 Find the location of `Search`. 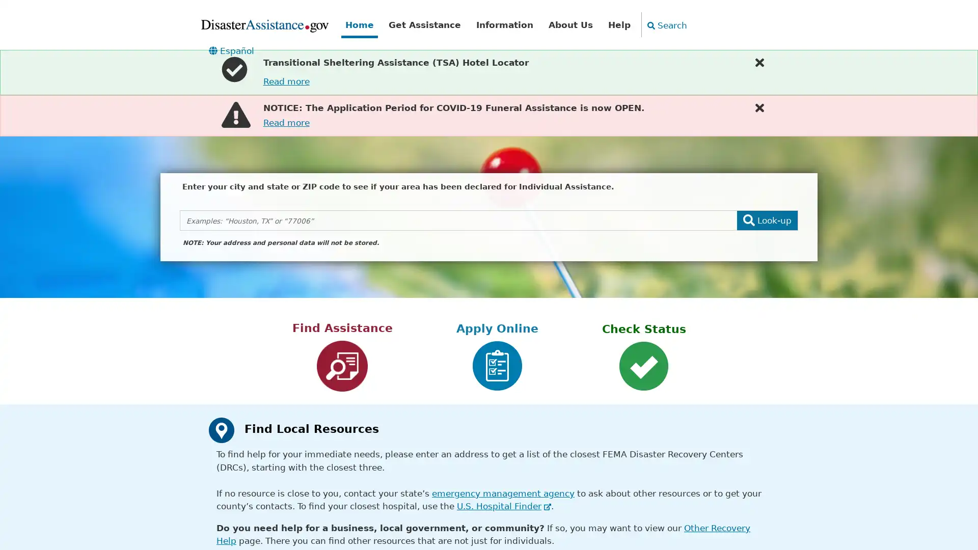

Search is located at coordinates (665, 25).